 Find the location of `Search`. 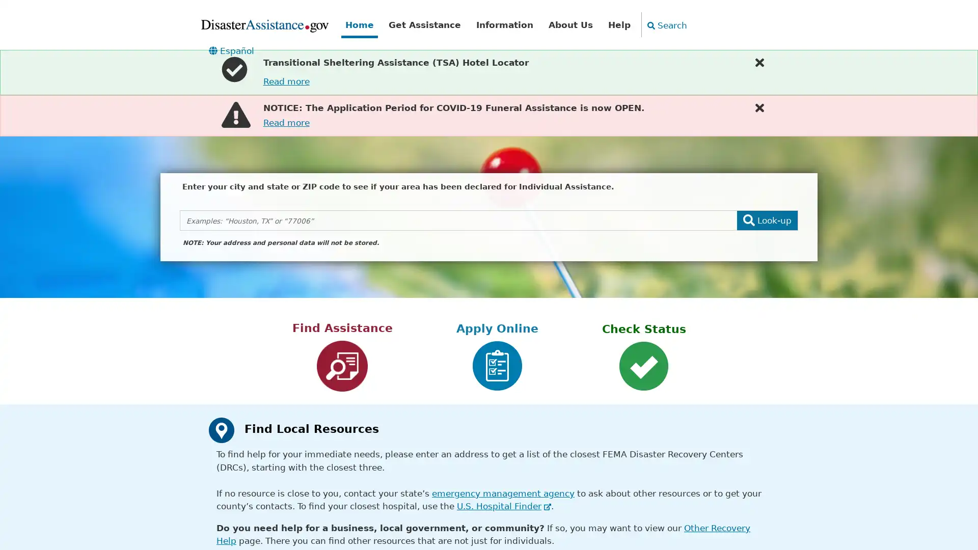

Search is located at coordinates (665, 25).